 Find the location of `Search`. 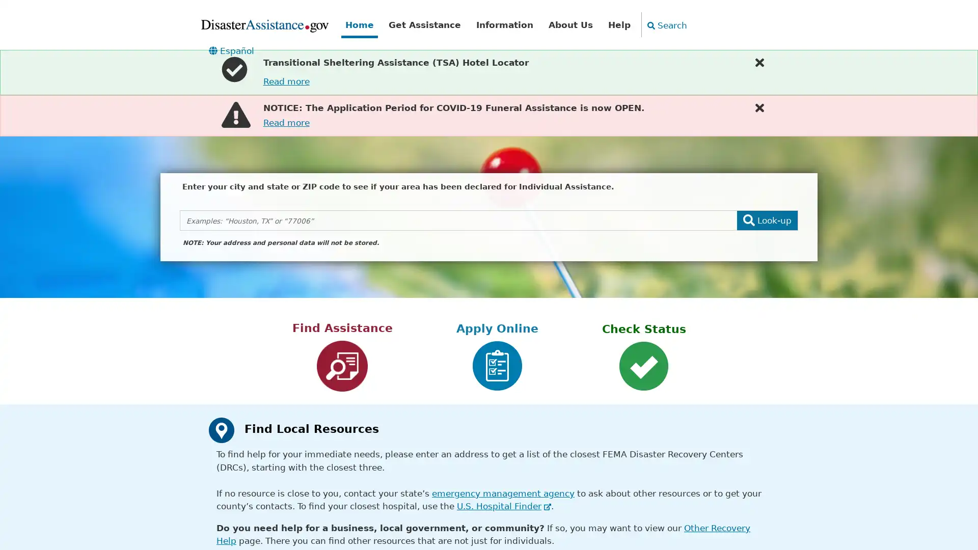

Search is located at coordinates (665, 25).